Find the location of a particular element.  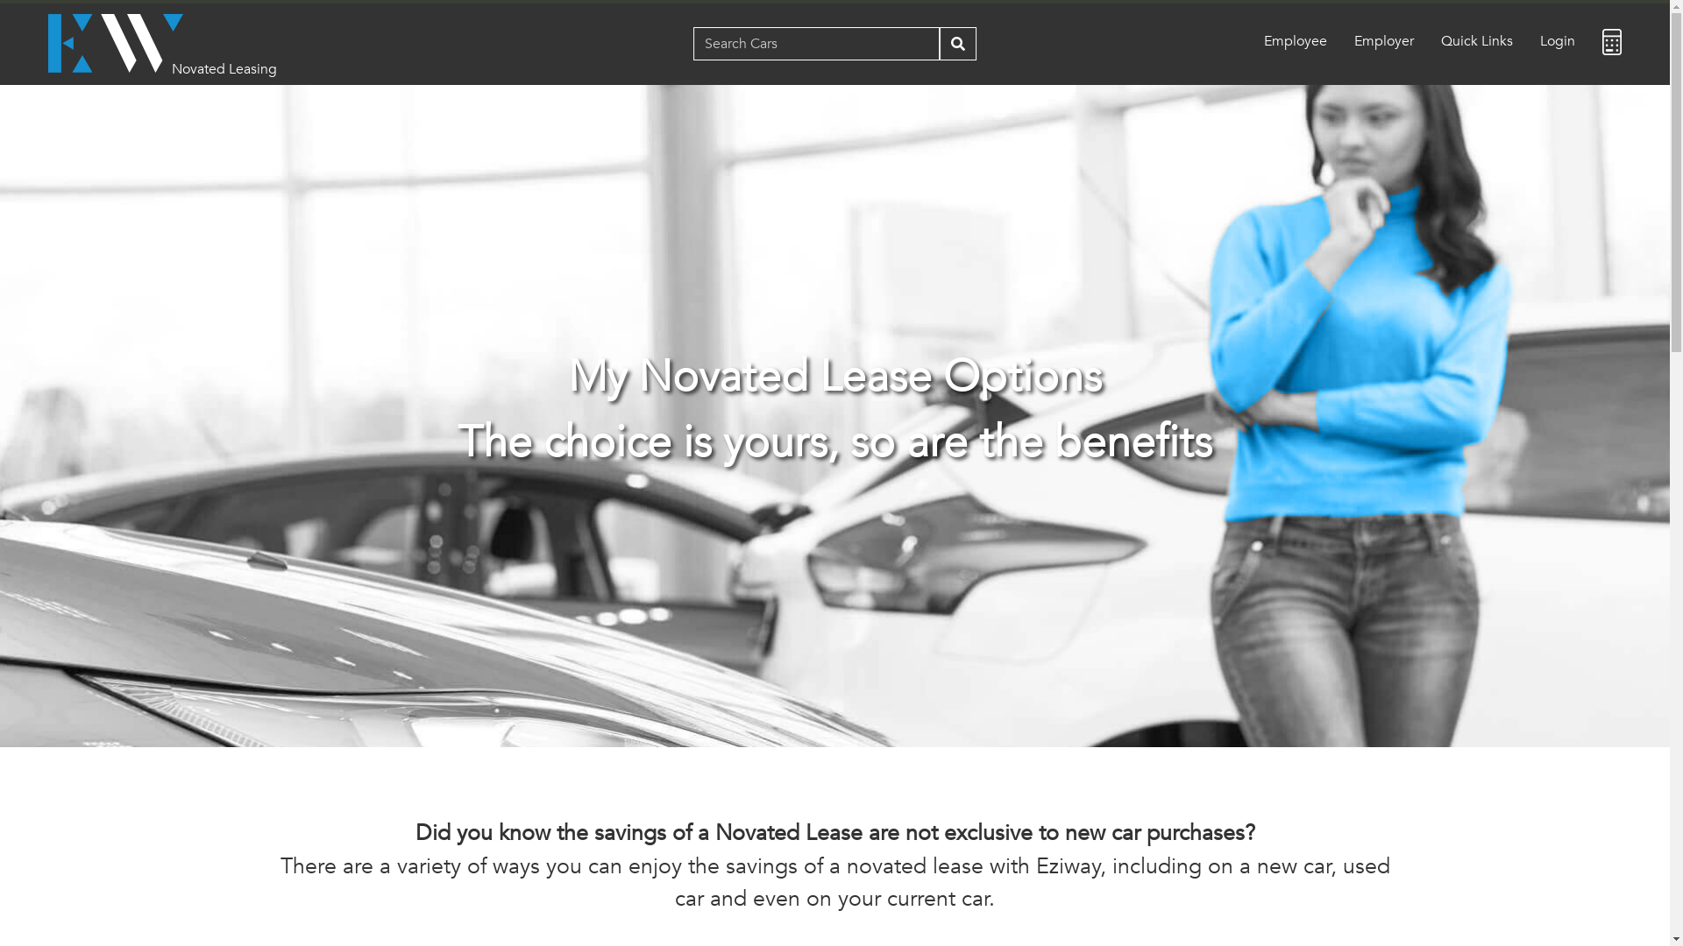

'Quick Links' is located at coordinates (1475, 39).